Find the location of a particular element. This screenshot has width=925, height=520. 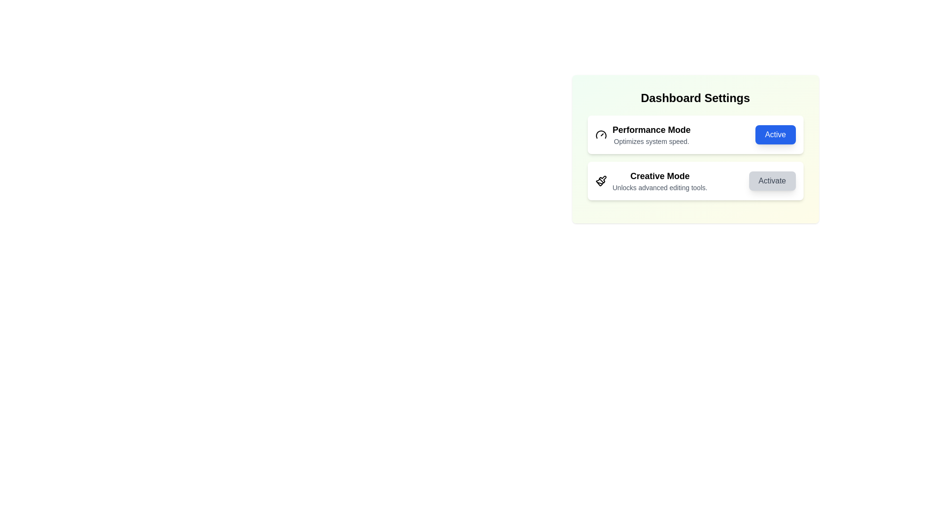

the Creative Mode setting is located at coordinates (695, 181).